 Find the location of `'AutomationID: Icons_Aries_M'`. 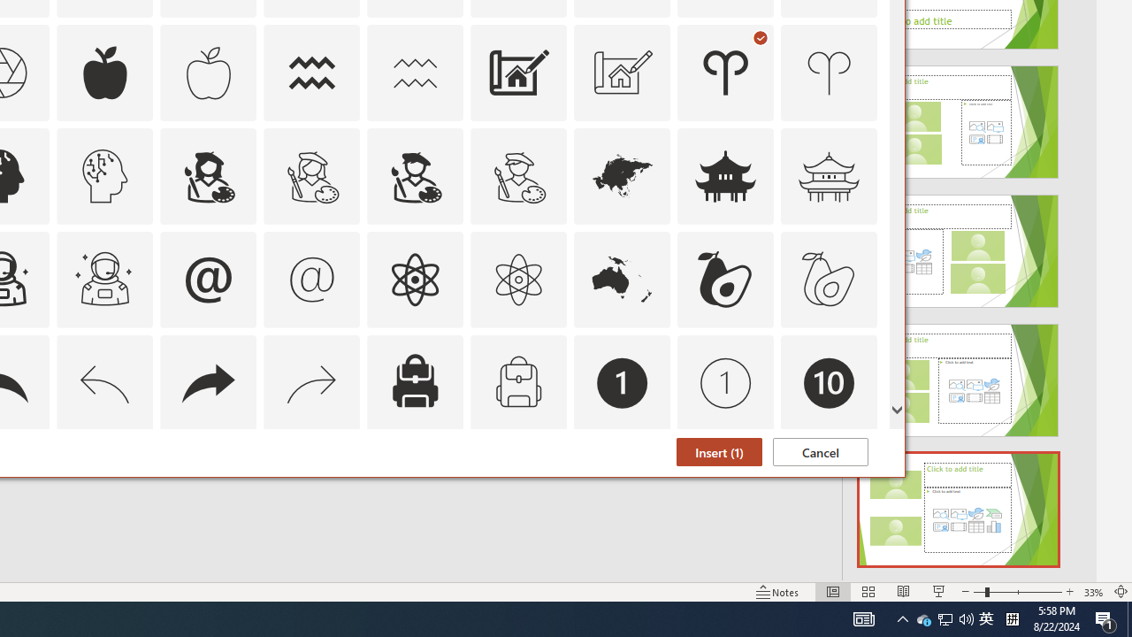

'AutomationID: Icons_Aries_M' is located at coordinates (829, 72).